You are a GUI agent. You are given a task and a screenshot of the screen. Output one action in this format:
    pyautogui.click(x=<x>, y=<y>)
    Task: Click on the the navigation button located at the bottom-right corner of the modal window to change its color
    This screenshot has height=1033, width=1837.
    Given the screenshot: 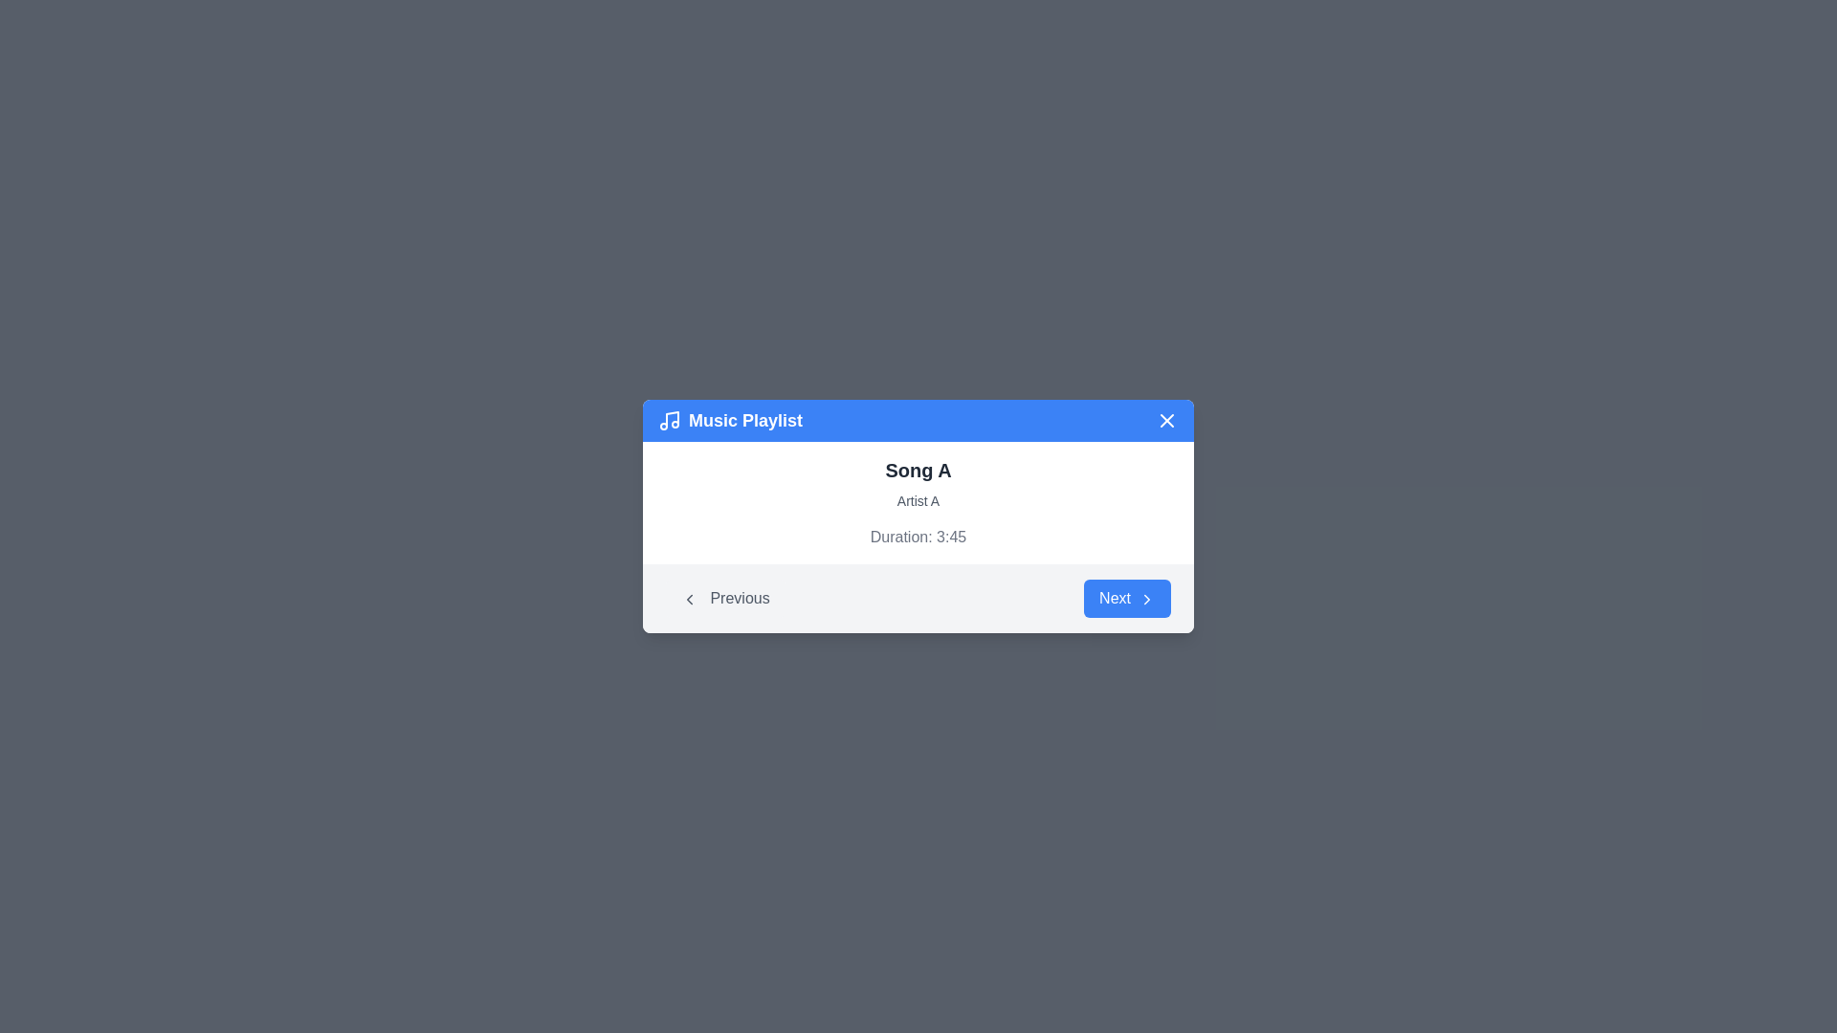 What is the action you would take?
    pyautogui.click(x=1127, y=597)
    